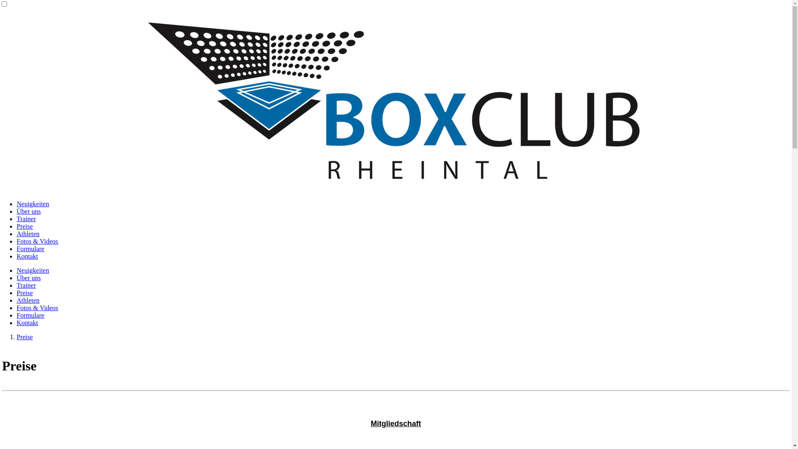 The width and height of the screenshot is (798, 449). Describe the element at coordinates (16, 285) in the screenshot. I see `'Trainer'` at that location.